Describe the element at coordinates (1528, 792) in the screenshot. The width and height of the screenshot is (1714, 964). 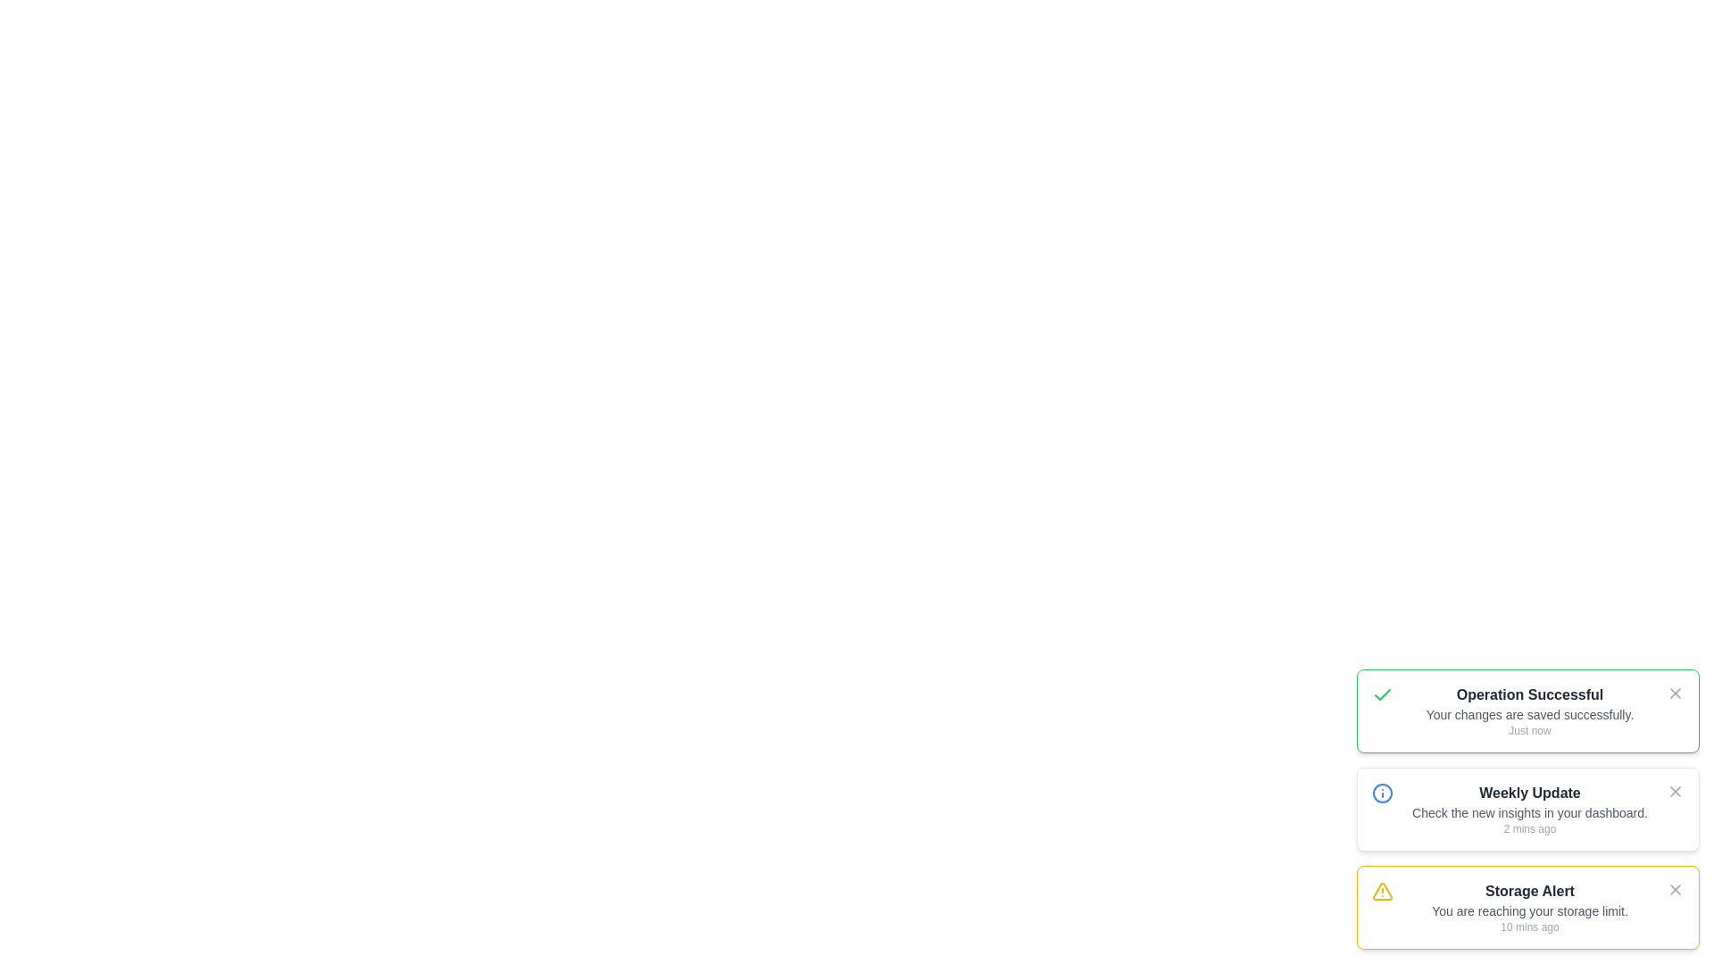
I see `text content of the title in the second notification card from the top, which summarizes the content of the notification` at that location.